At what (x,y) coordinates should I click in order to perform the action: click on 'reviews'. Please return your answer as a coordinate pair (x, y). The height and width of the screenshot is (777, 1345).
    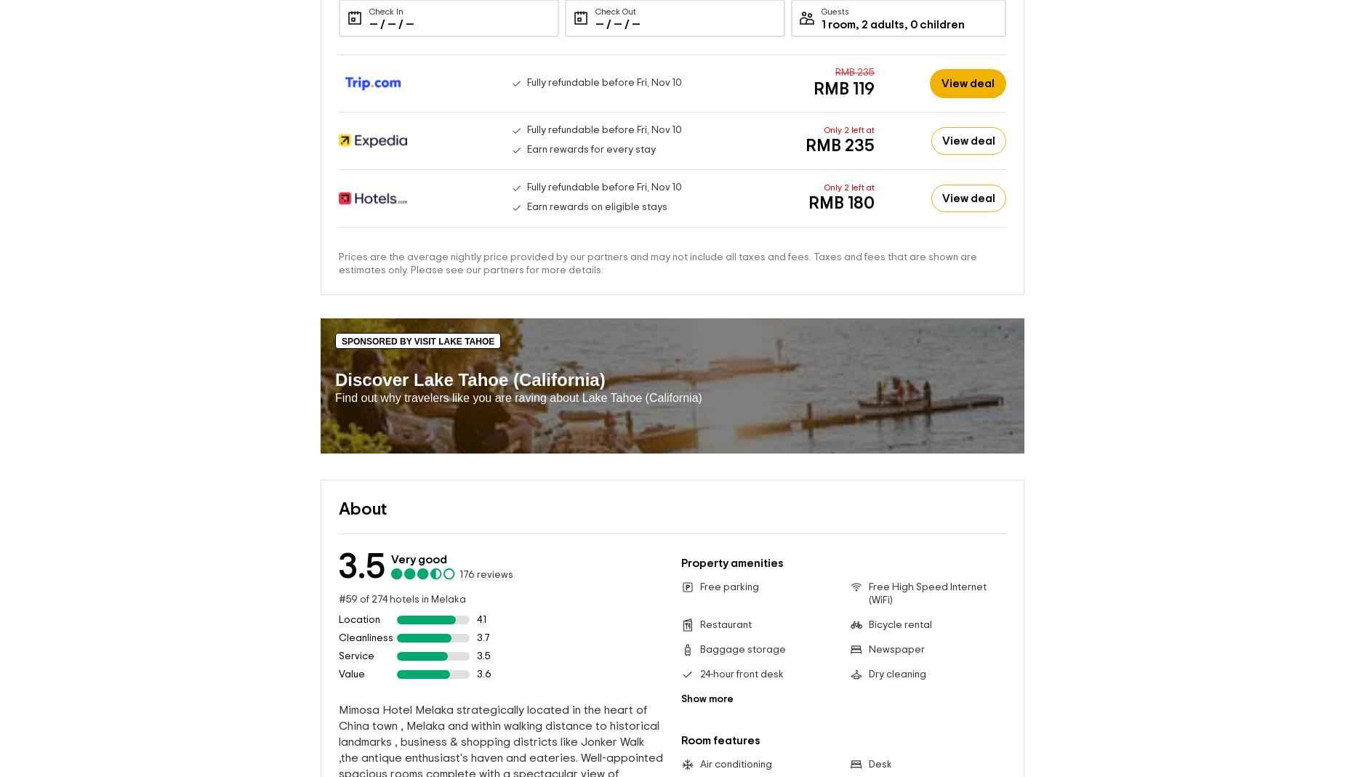
    Looking at the image, I should click on (494, 574).